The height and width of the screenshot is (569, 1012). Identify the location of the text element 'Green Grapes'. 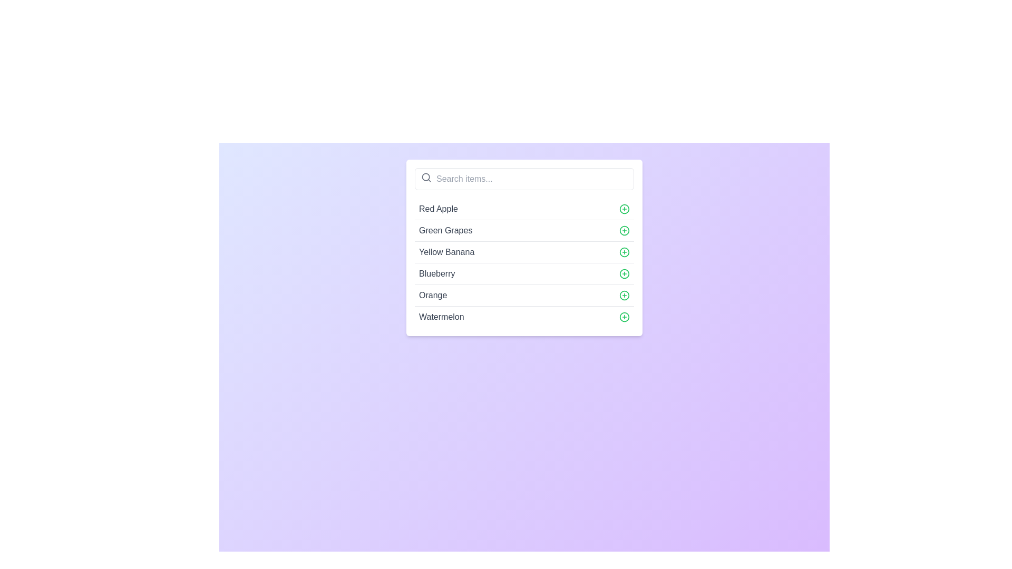
(445, 230).